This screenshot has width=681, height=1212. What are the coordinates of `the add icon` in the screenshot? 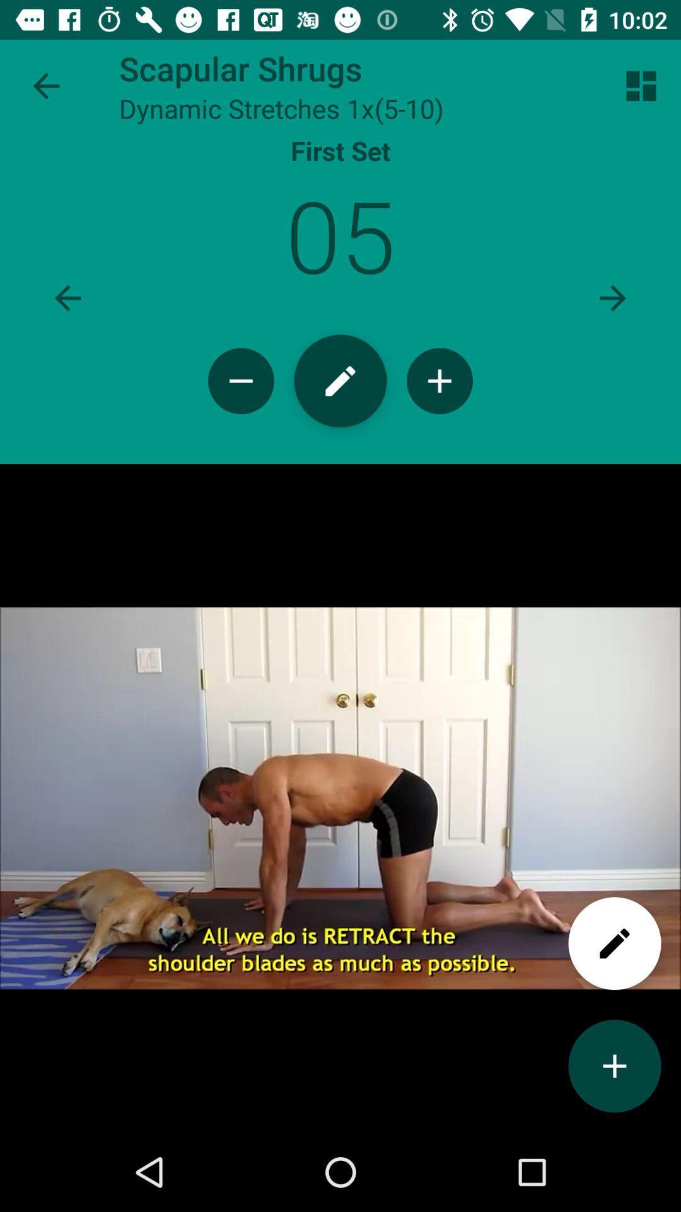 It's located at (439, 408).